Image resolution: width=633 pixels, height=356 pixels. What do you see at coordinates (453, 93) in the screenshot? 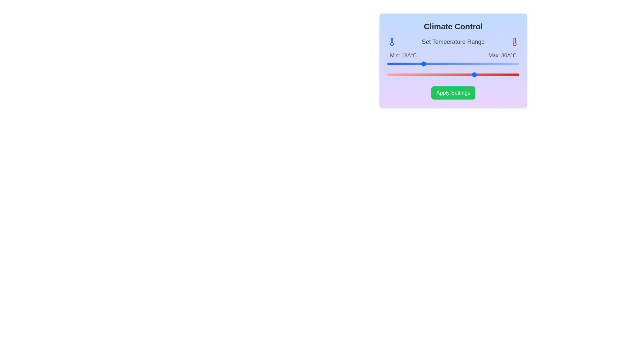
I see `the 'Apply Settings' button` at bounding box center [453, 93].